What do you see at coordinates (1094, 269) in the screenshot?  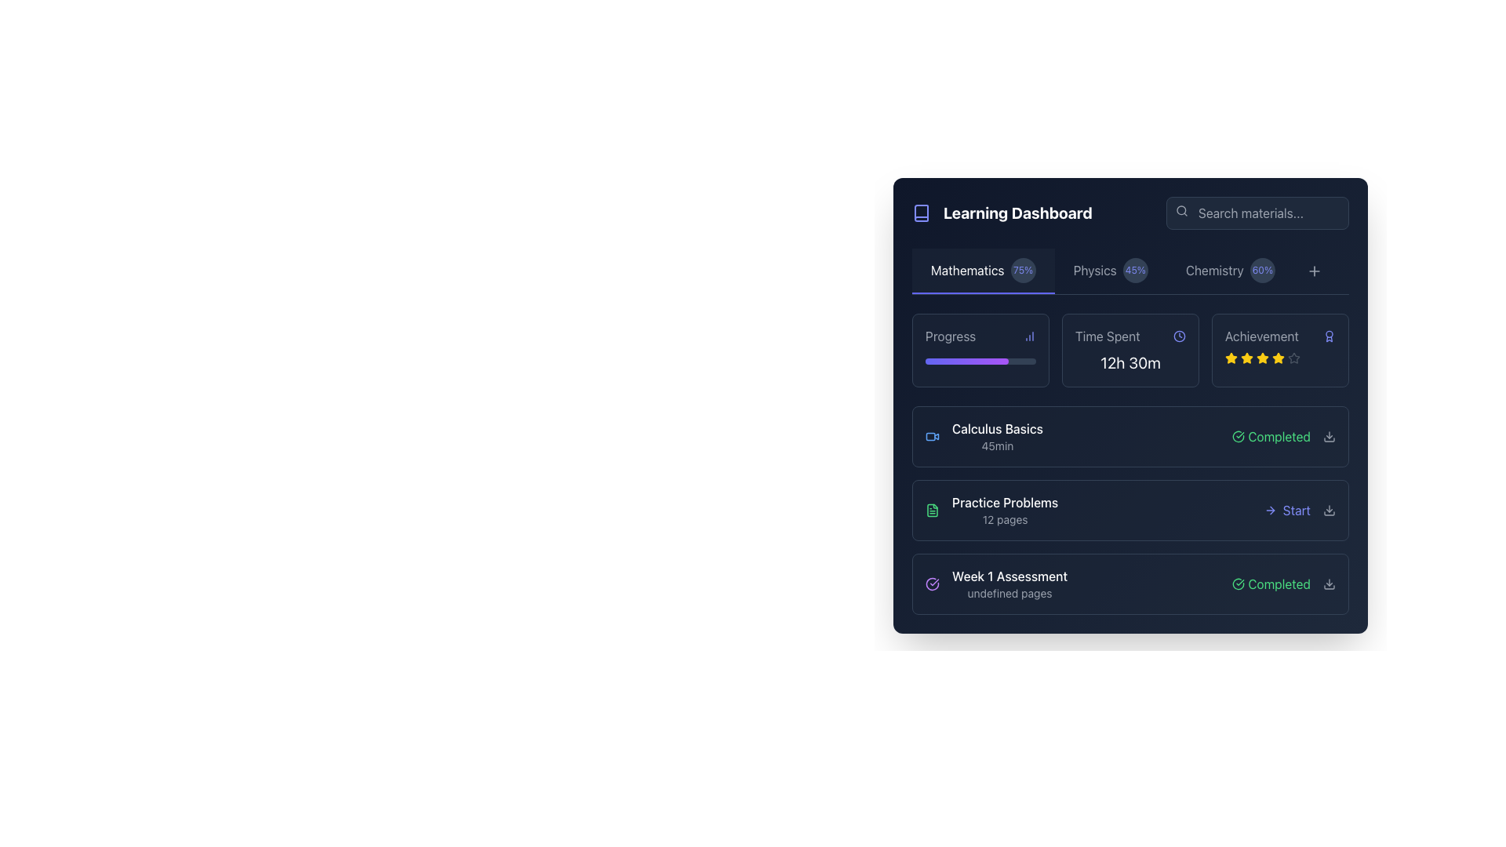 I see `the 'Physics' tab label, which is styled in white on a dark blue background` at bounding box center [1094, 269].